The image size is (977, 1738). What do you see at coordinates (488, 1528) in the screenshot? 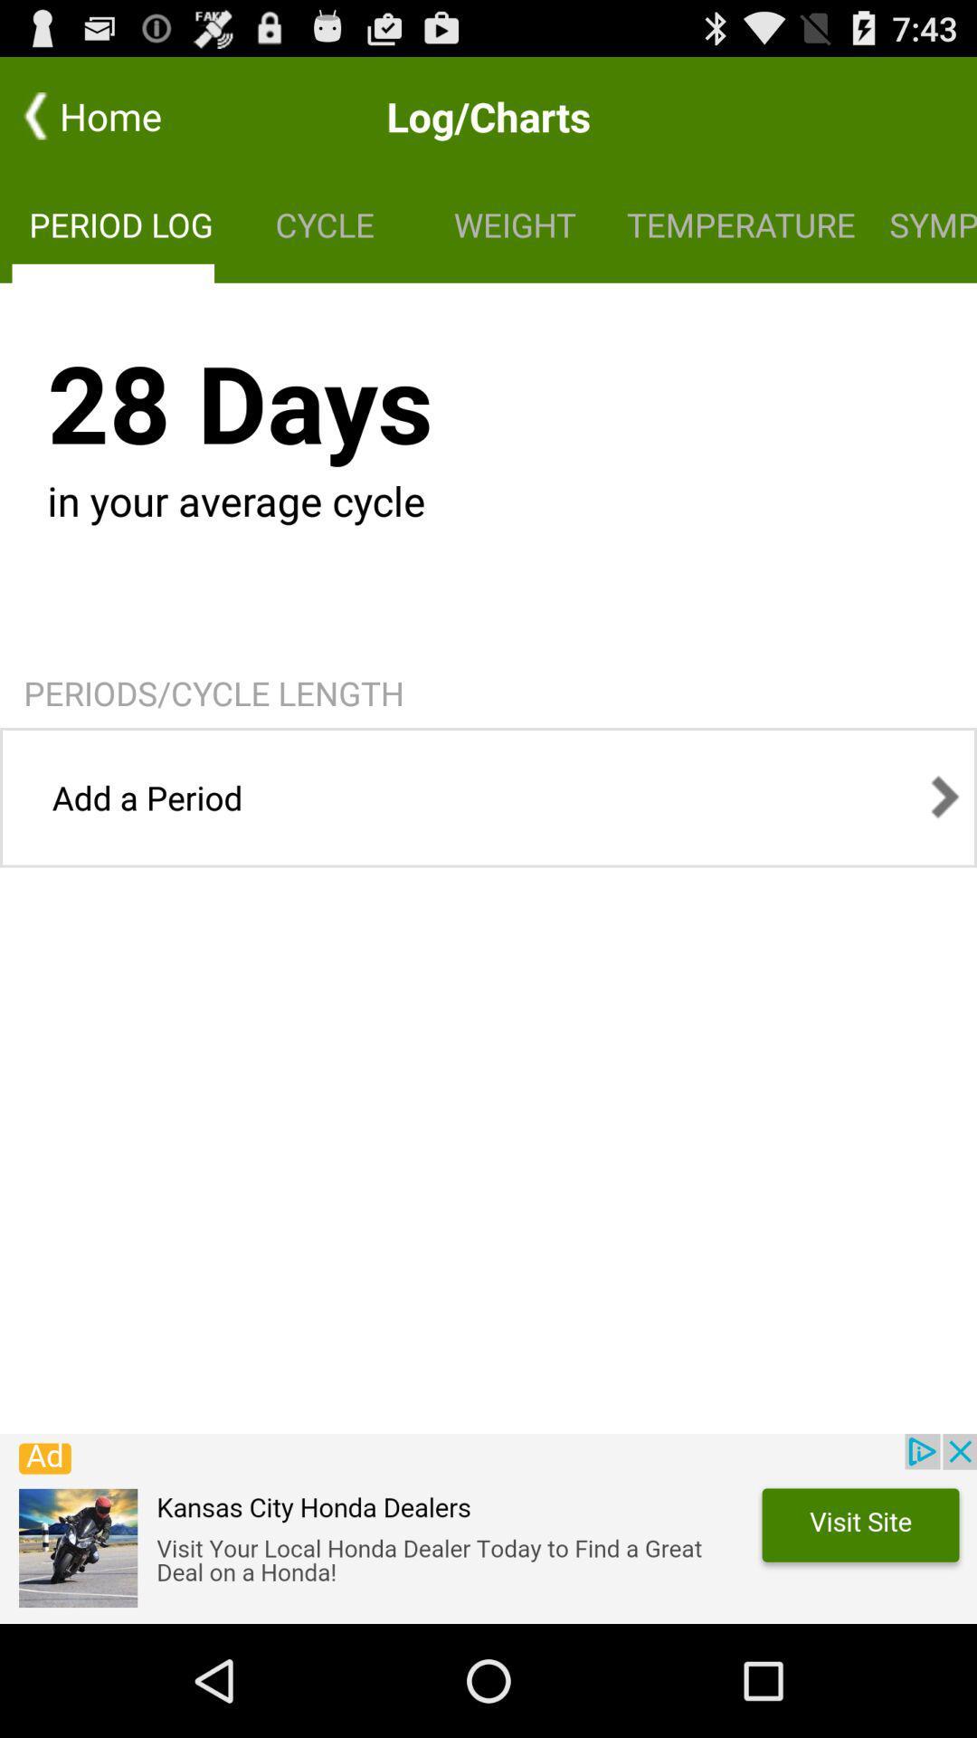
I see `site icon` at bounding box center [488, 1528].